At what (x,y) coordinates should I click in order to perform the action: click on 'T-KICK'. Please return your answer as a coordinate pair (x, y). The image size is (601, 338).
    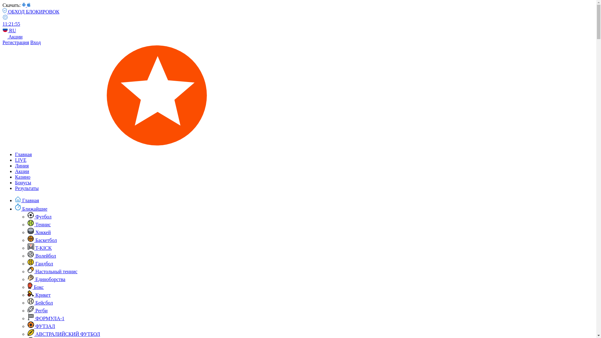
    Looking at the image, I should click on (27, 248).